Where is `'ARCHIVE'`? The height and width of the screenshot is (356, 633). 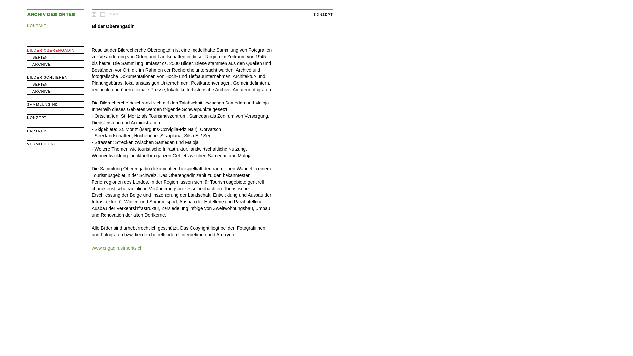 'ARCHIVE' is located at coordinates (32, 64).